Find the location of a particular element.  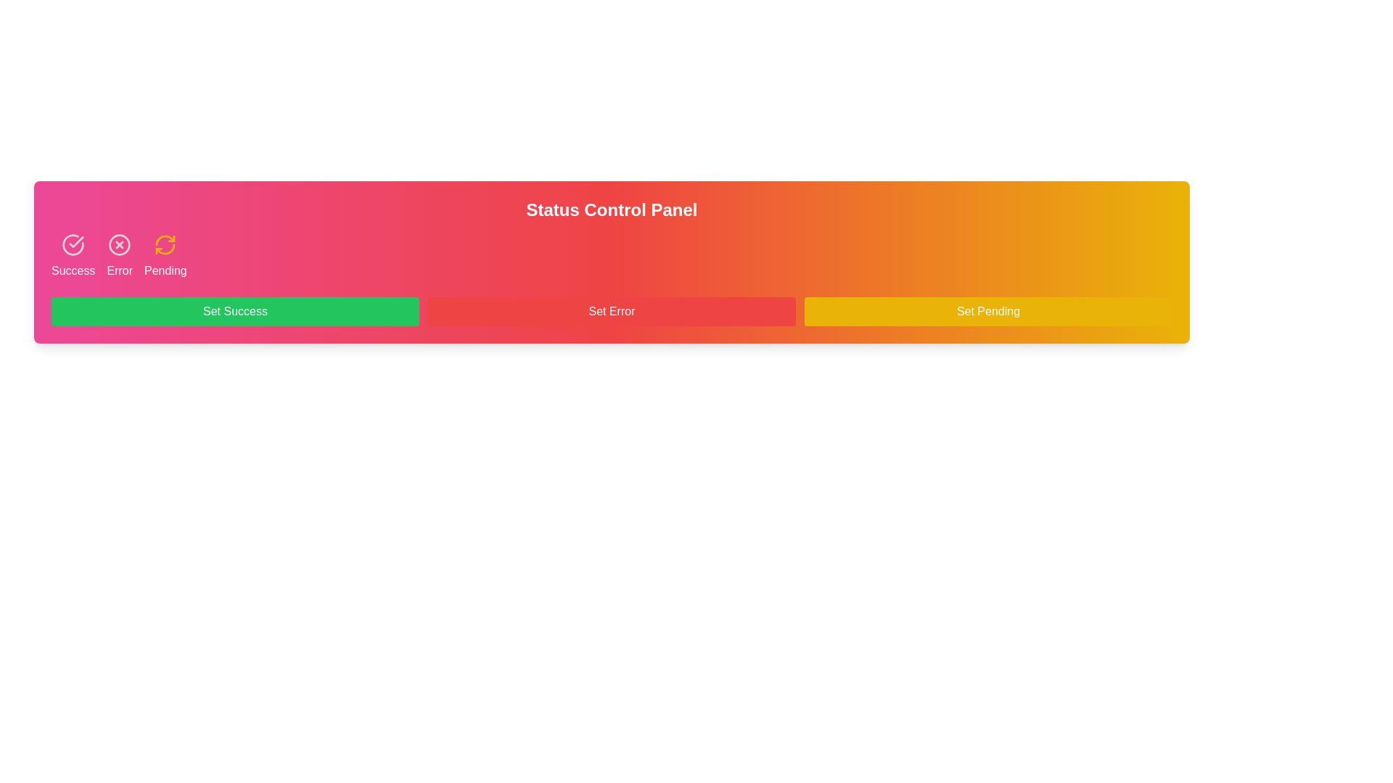

the rectangular button labeled 'Set Pending' with a bright yellow background to set the status to pending is located at coordinates (987, 310).